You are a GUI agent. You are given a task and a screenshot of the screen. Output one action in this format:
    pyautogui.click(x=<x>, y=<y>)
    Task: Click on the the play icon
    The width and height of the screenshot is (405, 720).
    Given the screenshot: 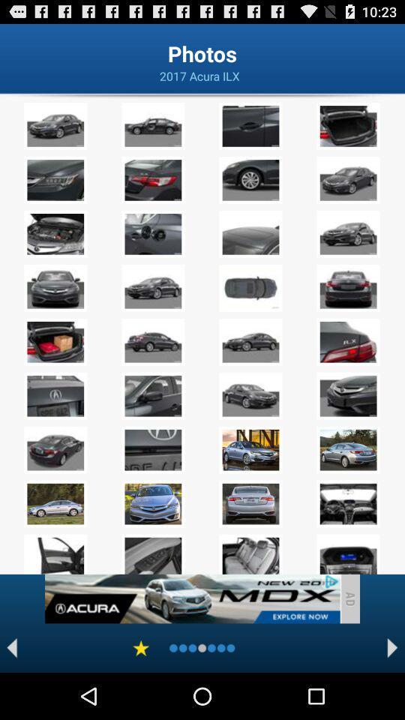 What is the action you would take?
    pyautogui.click(x=392, y=693)
    